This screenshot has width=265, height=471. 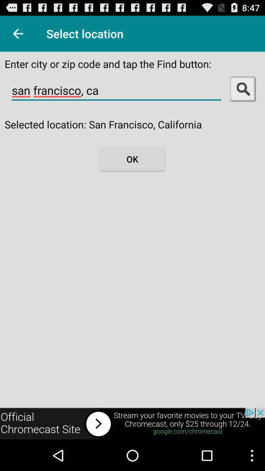 I want to click on go back, so click(x=18, y=33).